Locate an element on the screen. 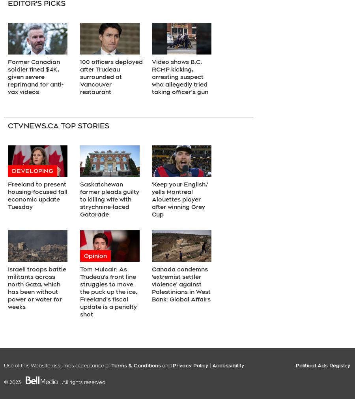 The image size is (355, 399). 'Video shows B.C. RCMP kicking, arresting suspect who allegedly tried taking officer's gun' is located at coordinates (179, 76).